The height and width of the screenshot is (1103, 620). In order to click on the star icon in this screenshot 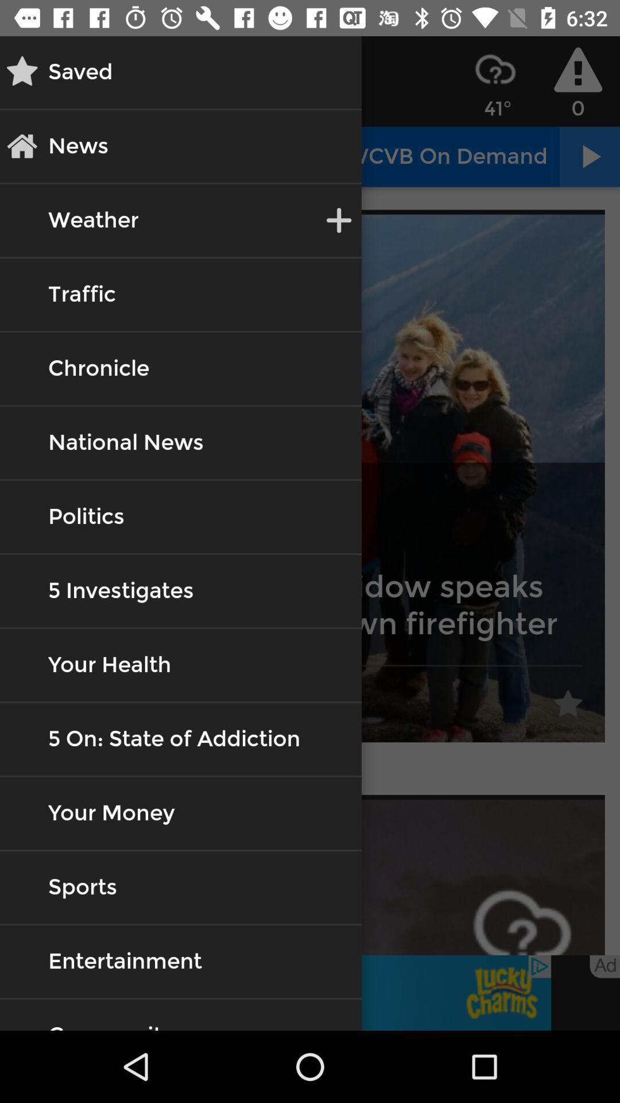, I will do `click(41, 78)`.